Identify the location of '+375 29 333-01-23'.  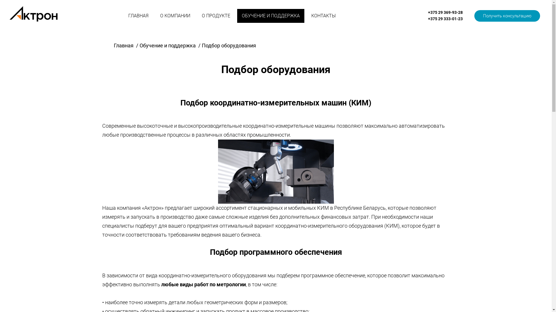
(445, 18).